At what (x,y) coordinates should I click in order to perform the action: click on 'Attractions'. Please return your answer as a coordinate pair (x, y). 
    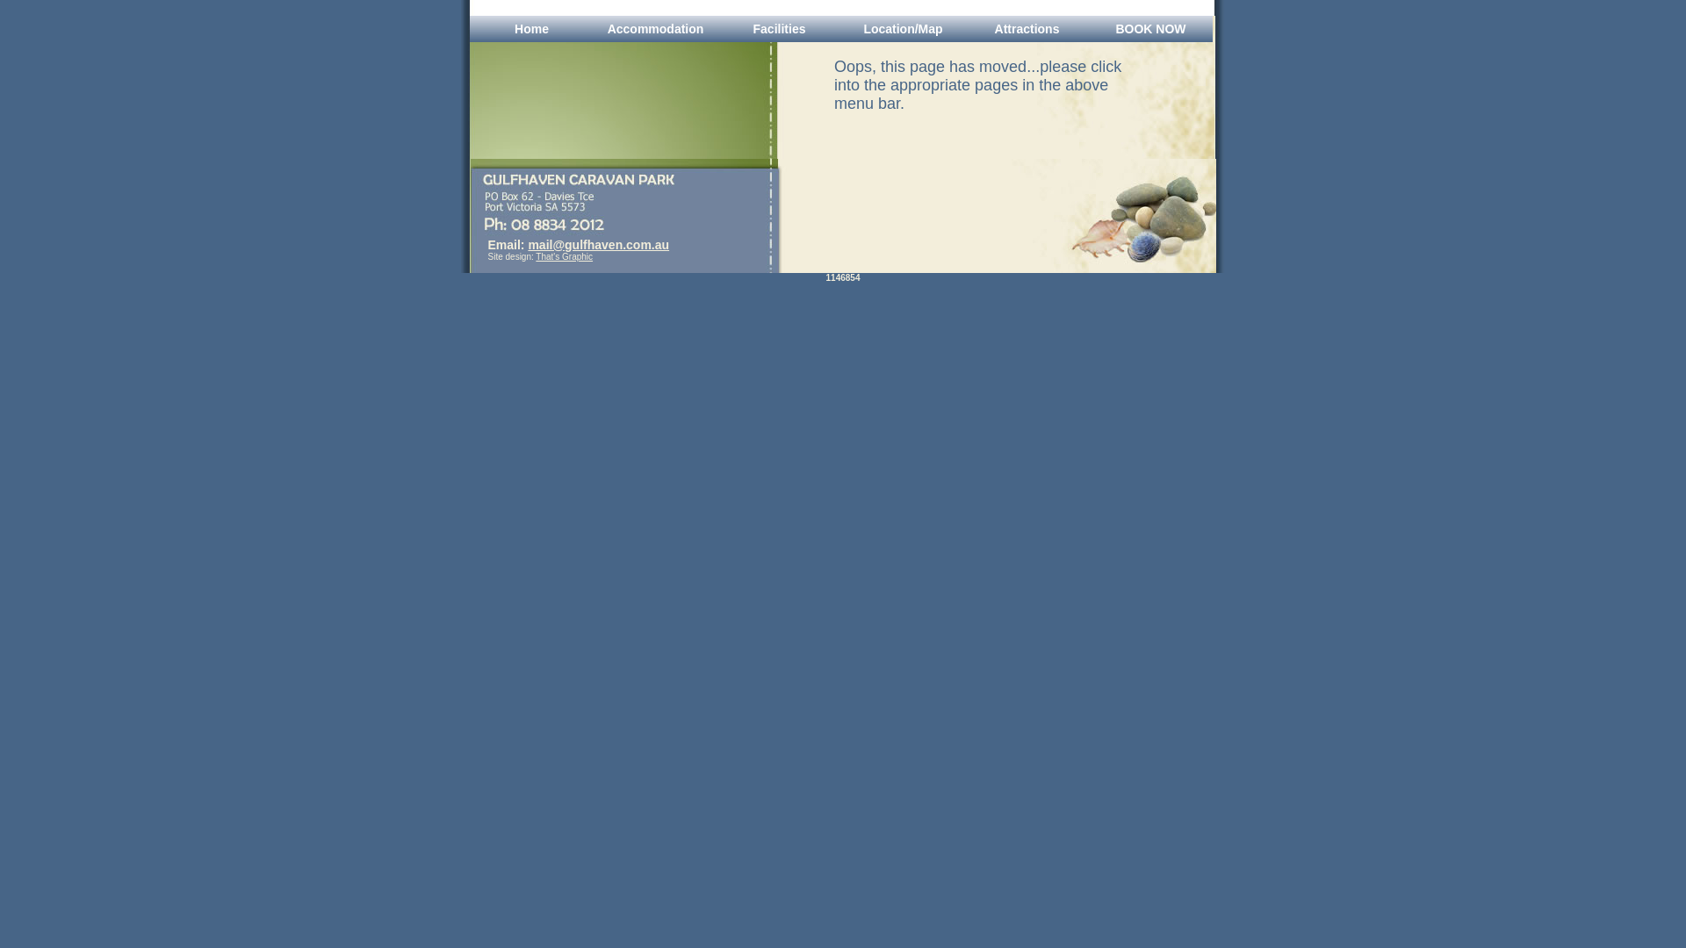
    Looking at the image, I should click on (1027, 29).